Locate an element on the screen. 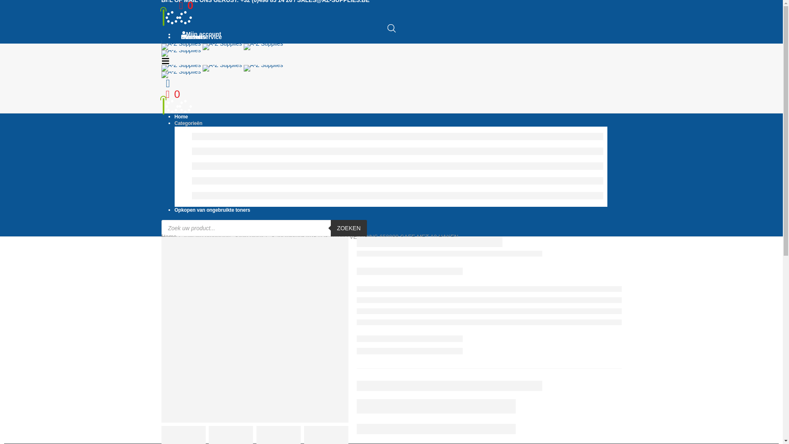  'Mijn account' is located at coordinates (199, 34).